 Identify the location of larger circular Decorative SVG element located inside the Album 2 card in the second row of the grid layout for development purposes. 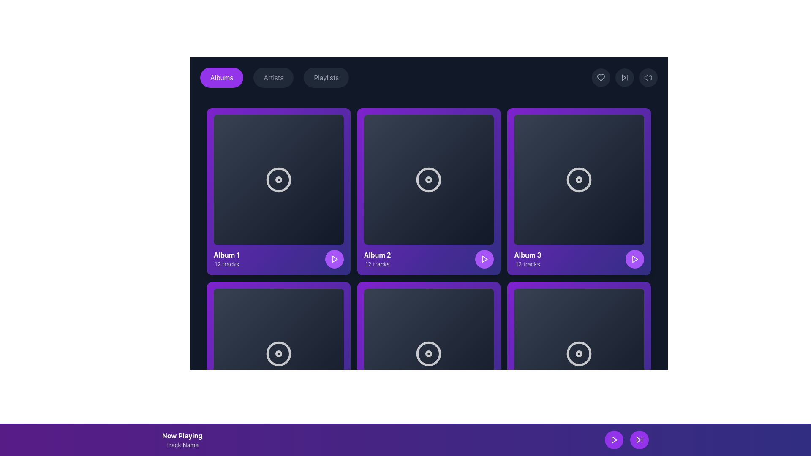
(429, 179).